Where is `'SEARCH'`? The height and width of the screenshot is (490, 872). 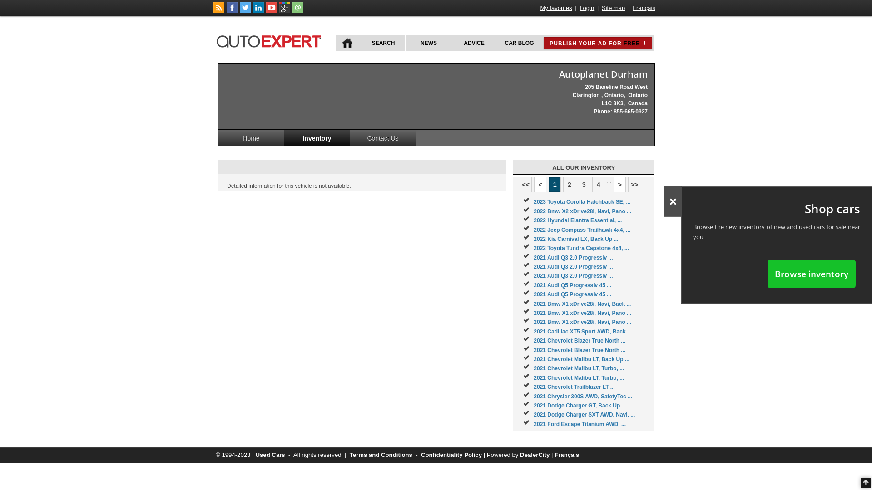 'SEARCH' is located at coordinates (382, 43).